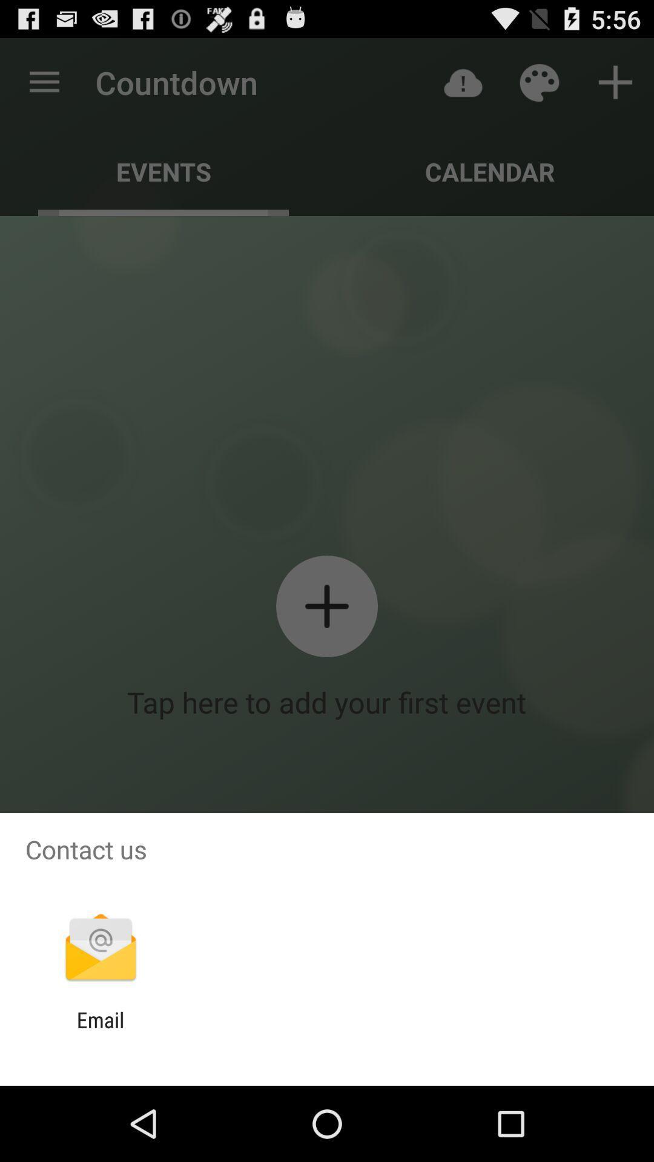 This screenshot has height=1162, width=654. What do you see at coordinates (100, 948) in the screenshot?
I see `item above the email item` at bounding box center [100, 948].